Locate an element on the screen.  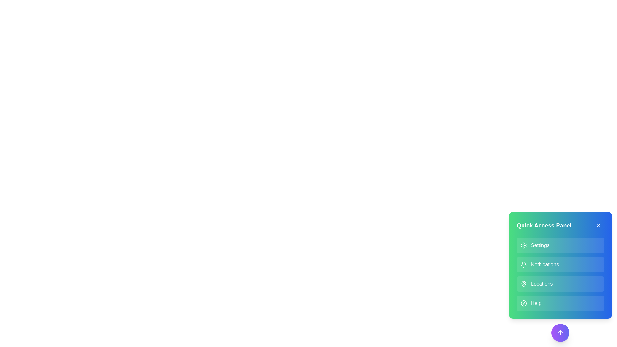
the help icon located at the leftmost edge of the 'Help' button in the bottom section of a vertical list within the quick-access panel is located at coordinates (524, 303).